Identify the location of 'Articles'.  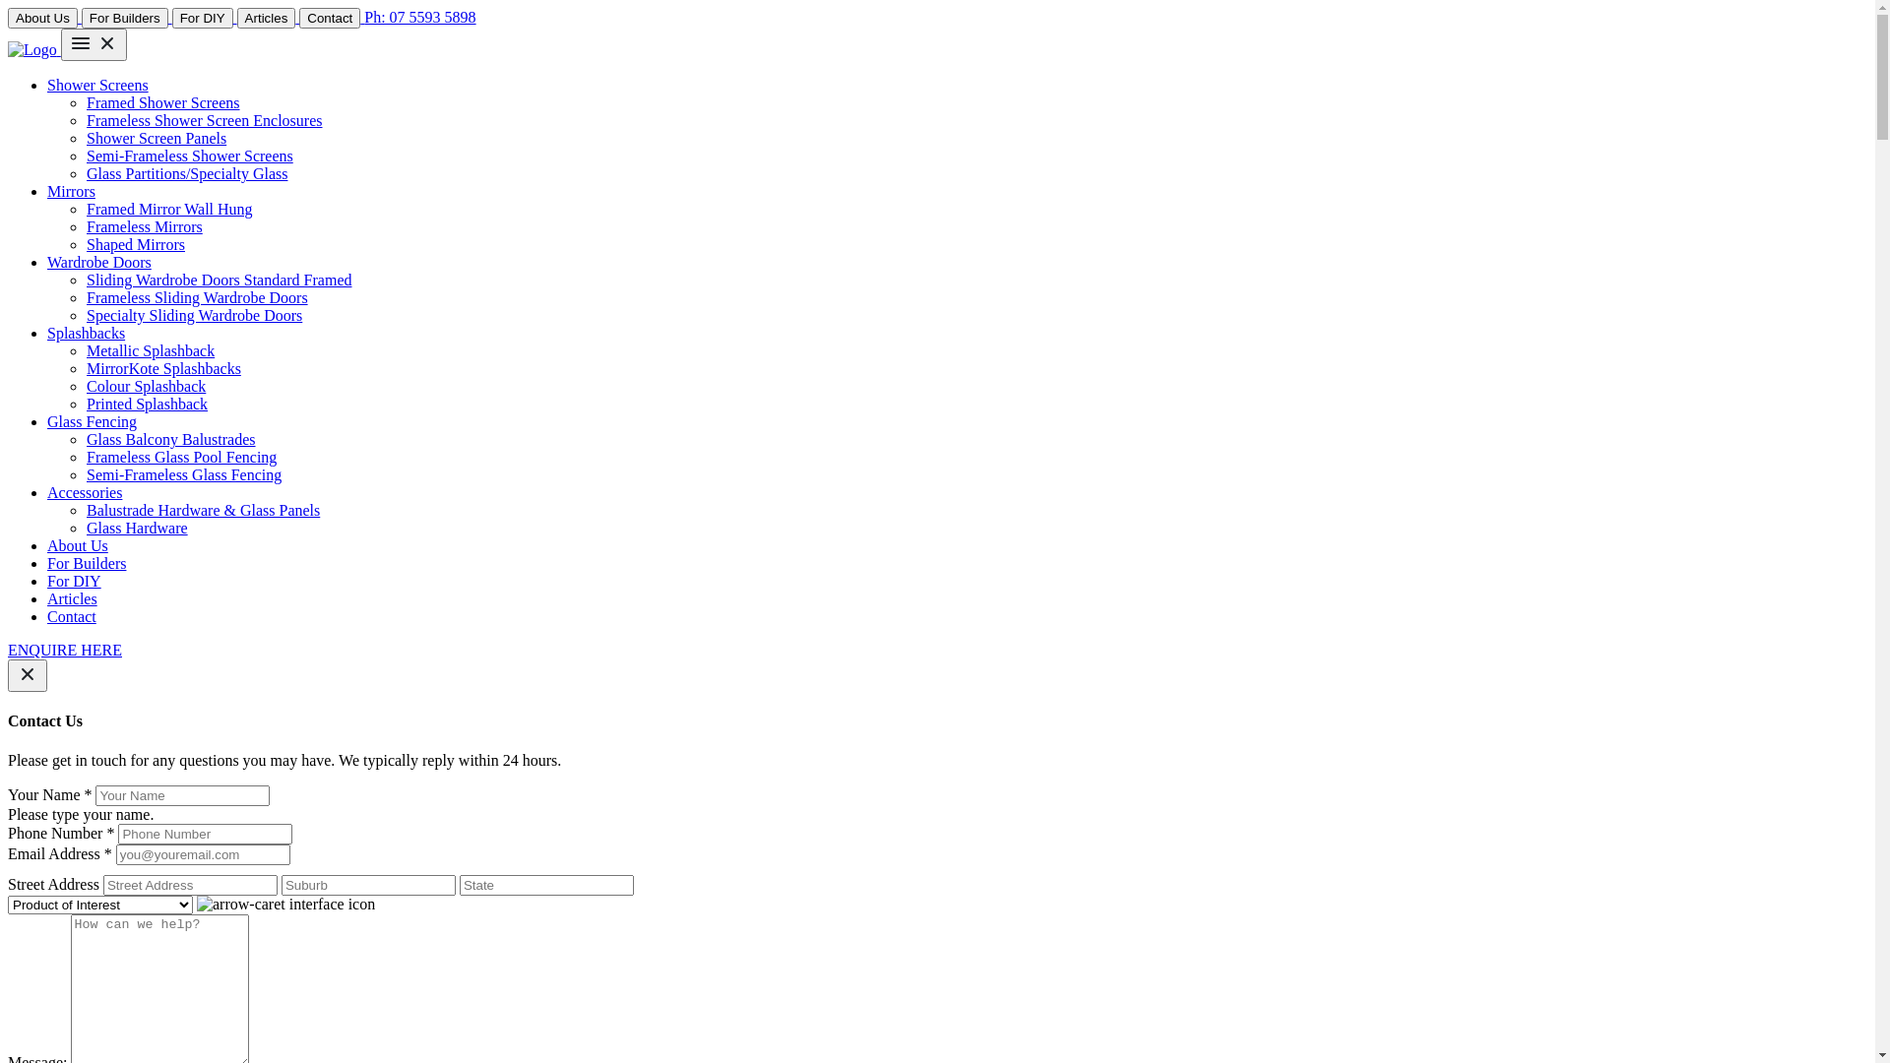
(265, 18).